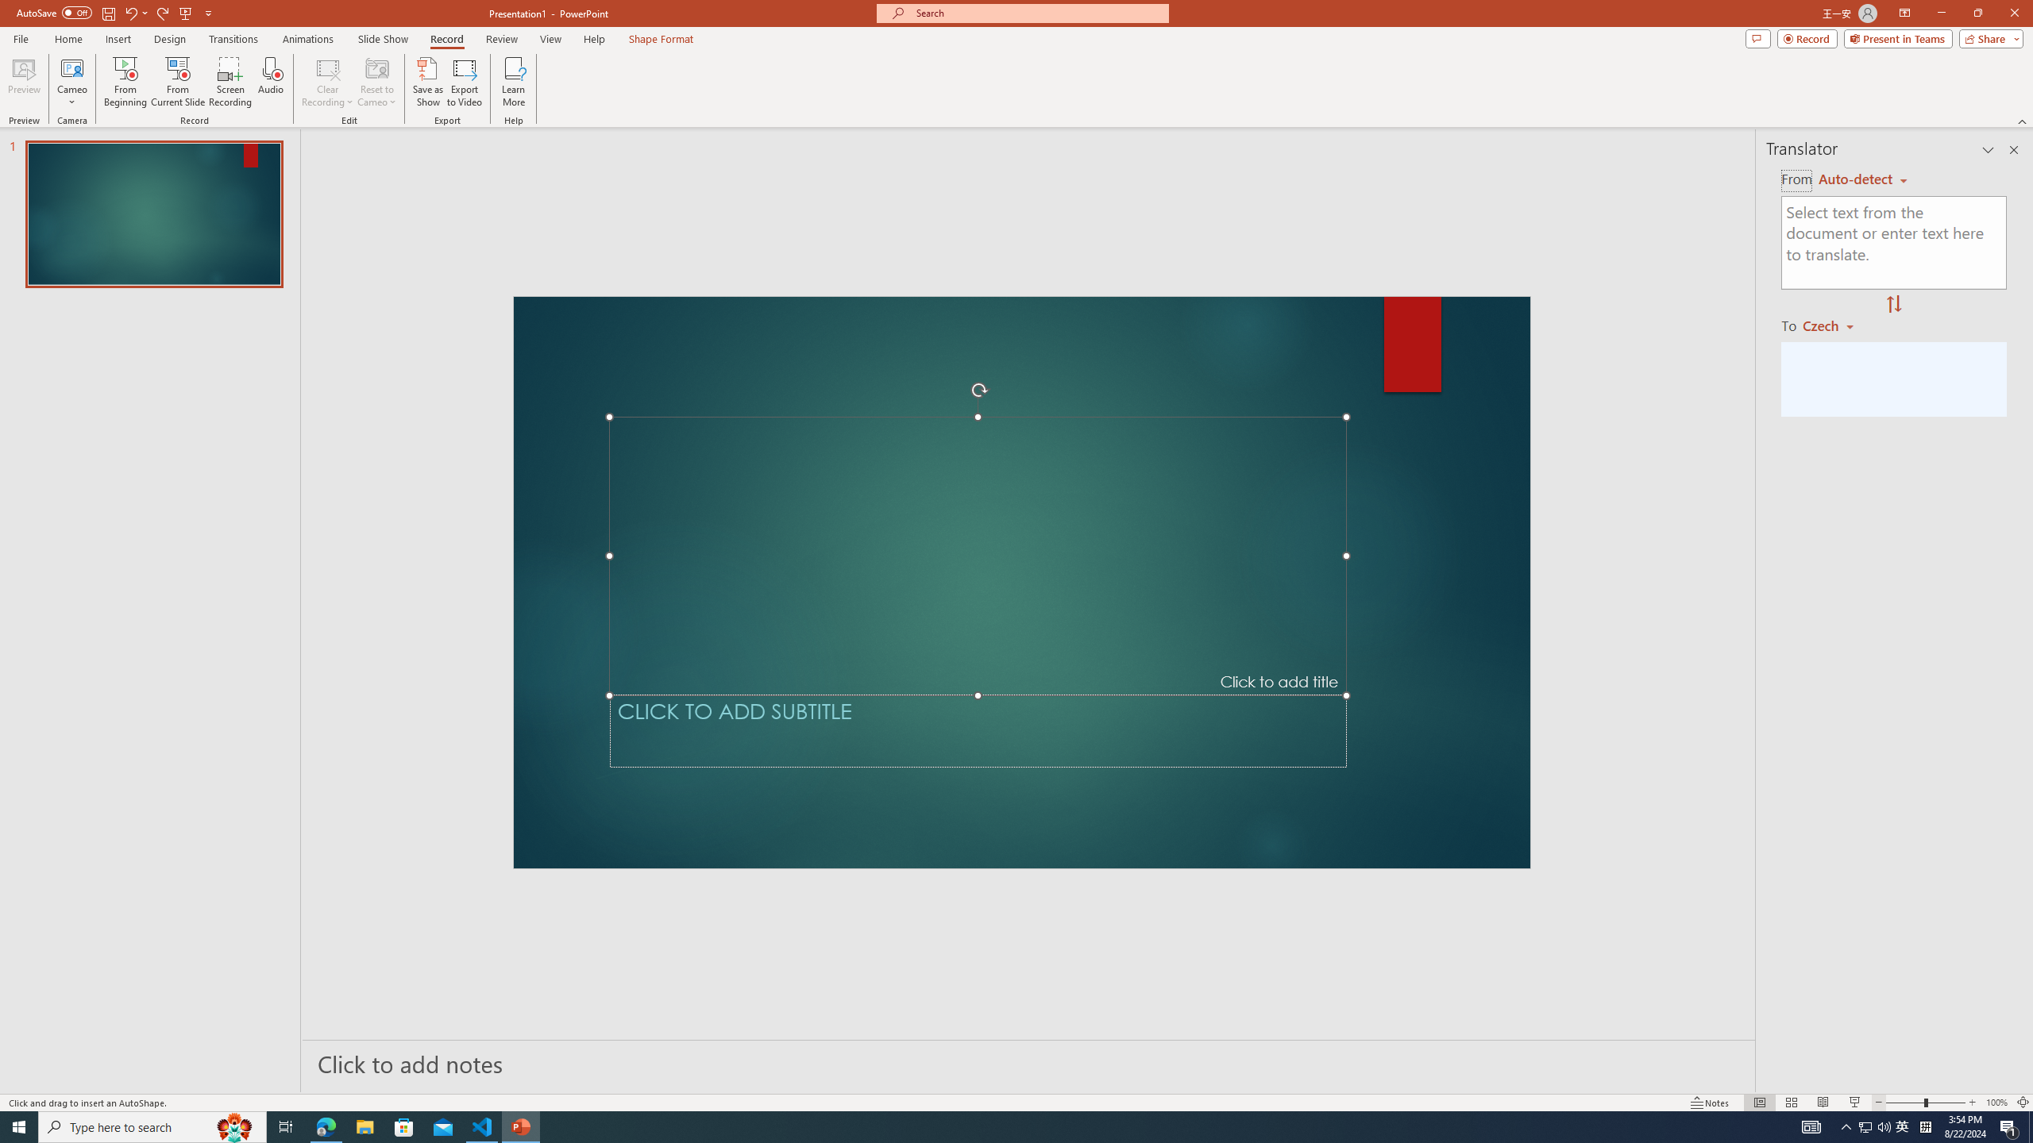 Image resolution: width=2033 pixels, height=1143 pixels. What do you see at coordinates (1823, 1103) in the screenshot?
I see `'Reading View'` at bounding box center [1823, 1103].